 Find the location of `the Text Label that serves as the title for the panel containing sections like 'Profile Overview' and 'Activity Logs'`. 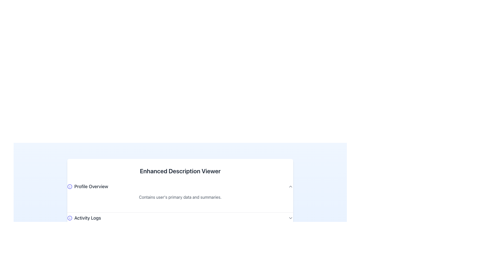

the Text Label that serves as the title for the panel containing sections like 'Profile Overview' and 'Activity Logs' is located at coordinates (180, 171).